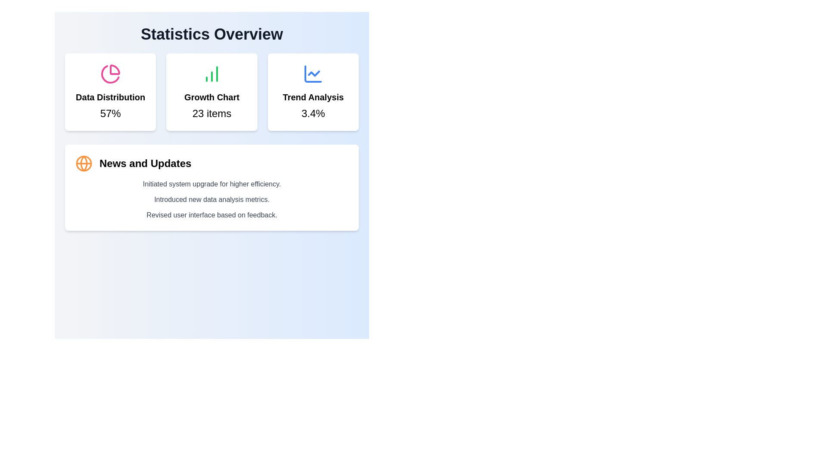  What do you see at coordinates (211, 215) in the screenshot?
I see `the third text line in the 'News and Updates' feed, located below the item that reads 'Introduced new data analysis metrics.'` at bounding box center [211, 215].